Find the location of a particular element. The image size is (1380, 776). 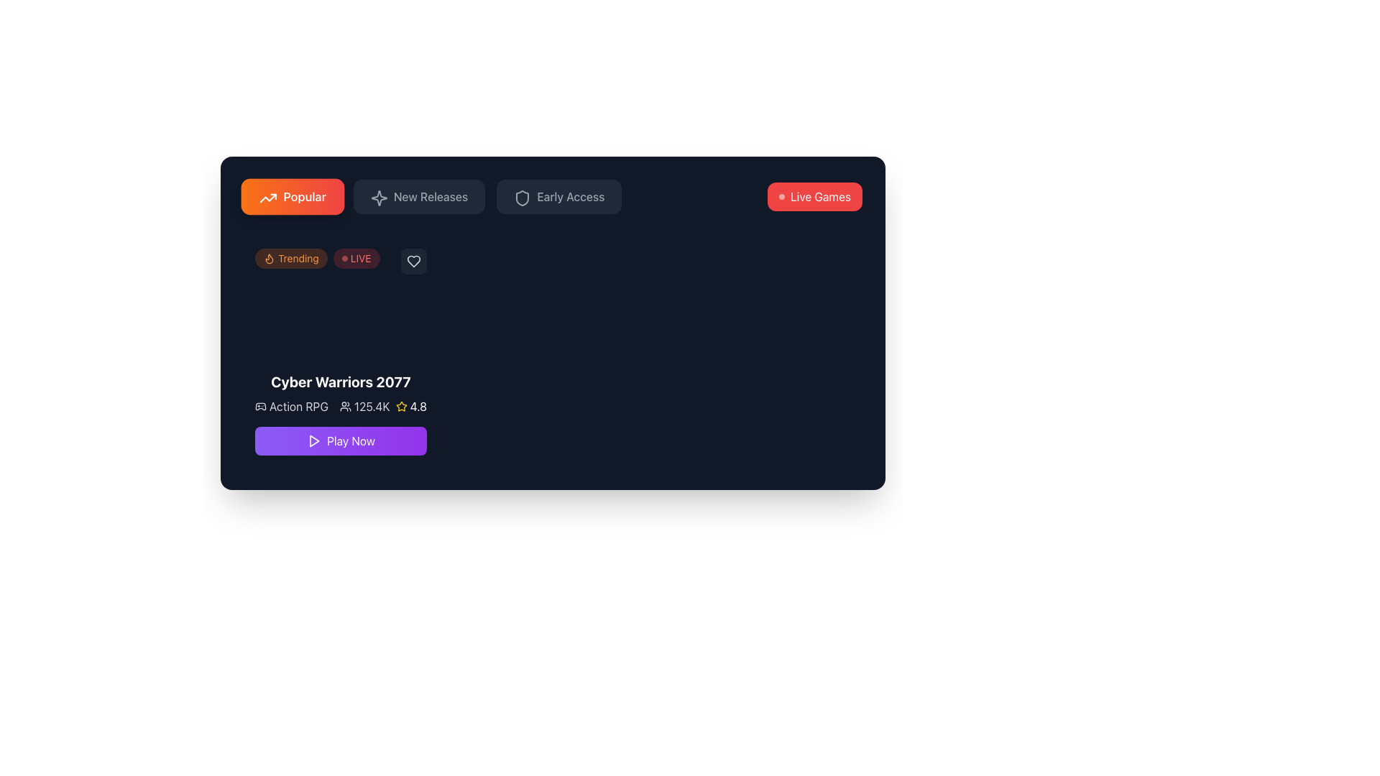

the button that directs the user to the live games section for keyboard interaction via the tab key is located at coordinates (814, 196).